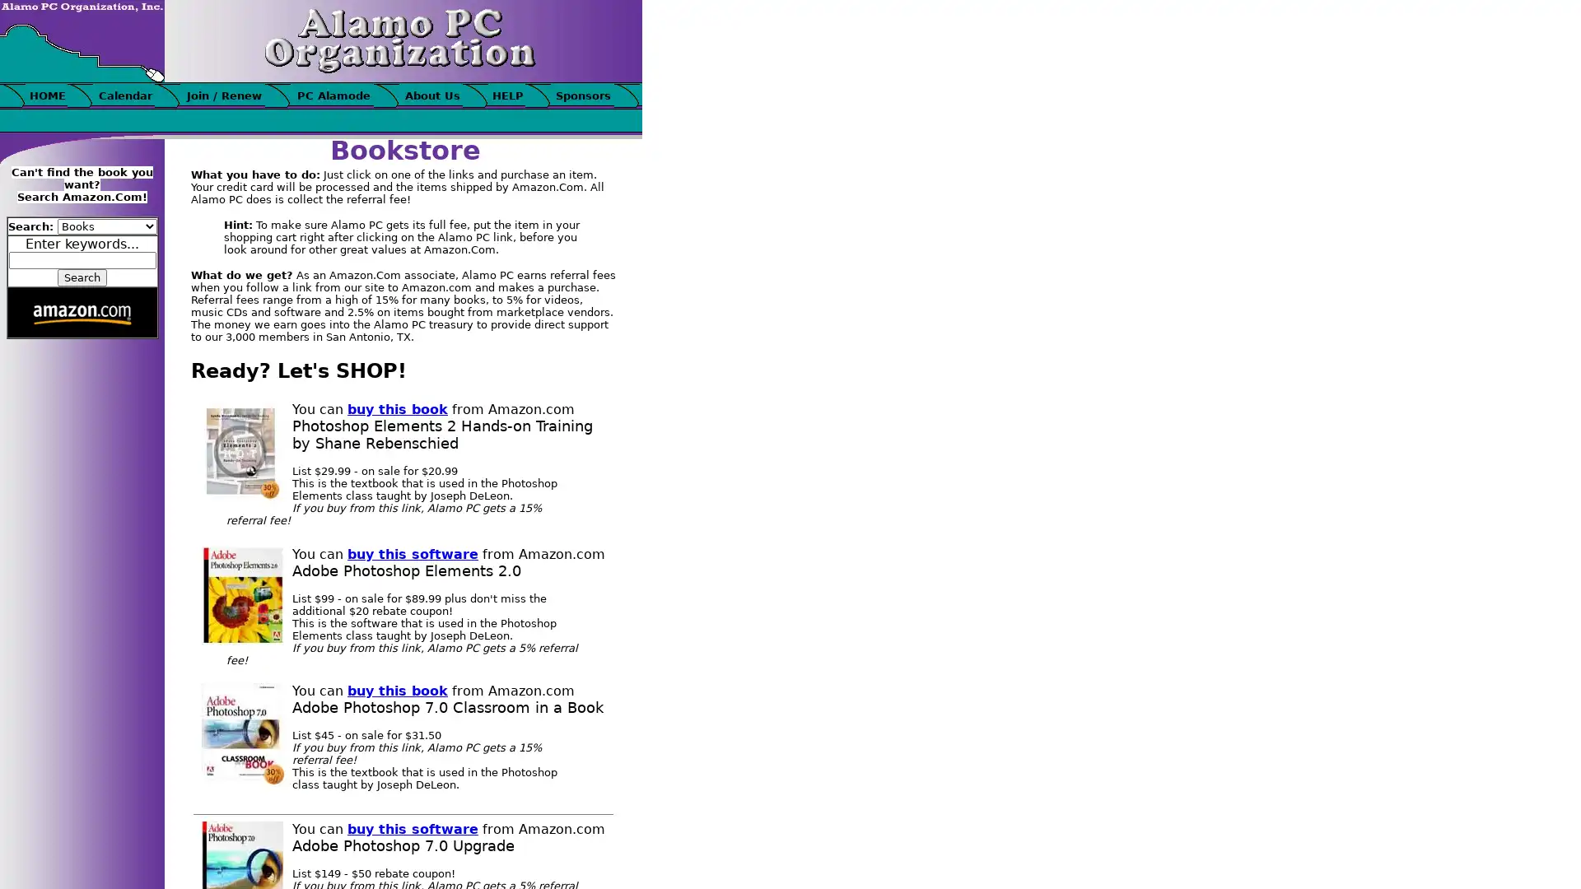  I want to click on Search, so click(82, 277).